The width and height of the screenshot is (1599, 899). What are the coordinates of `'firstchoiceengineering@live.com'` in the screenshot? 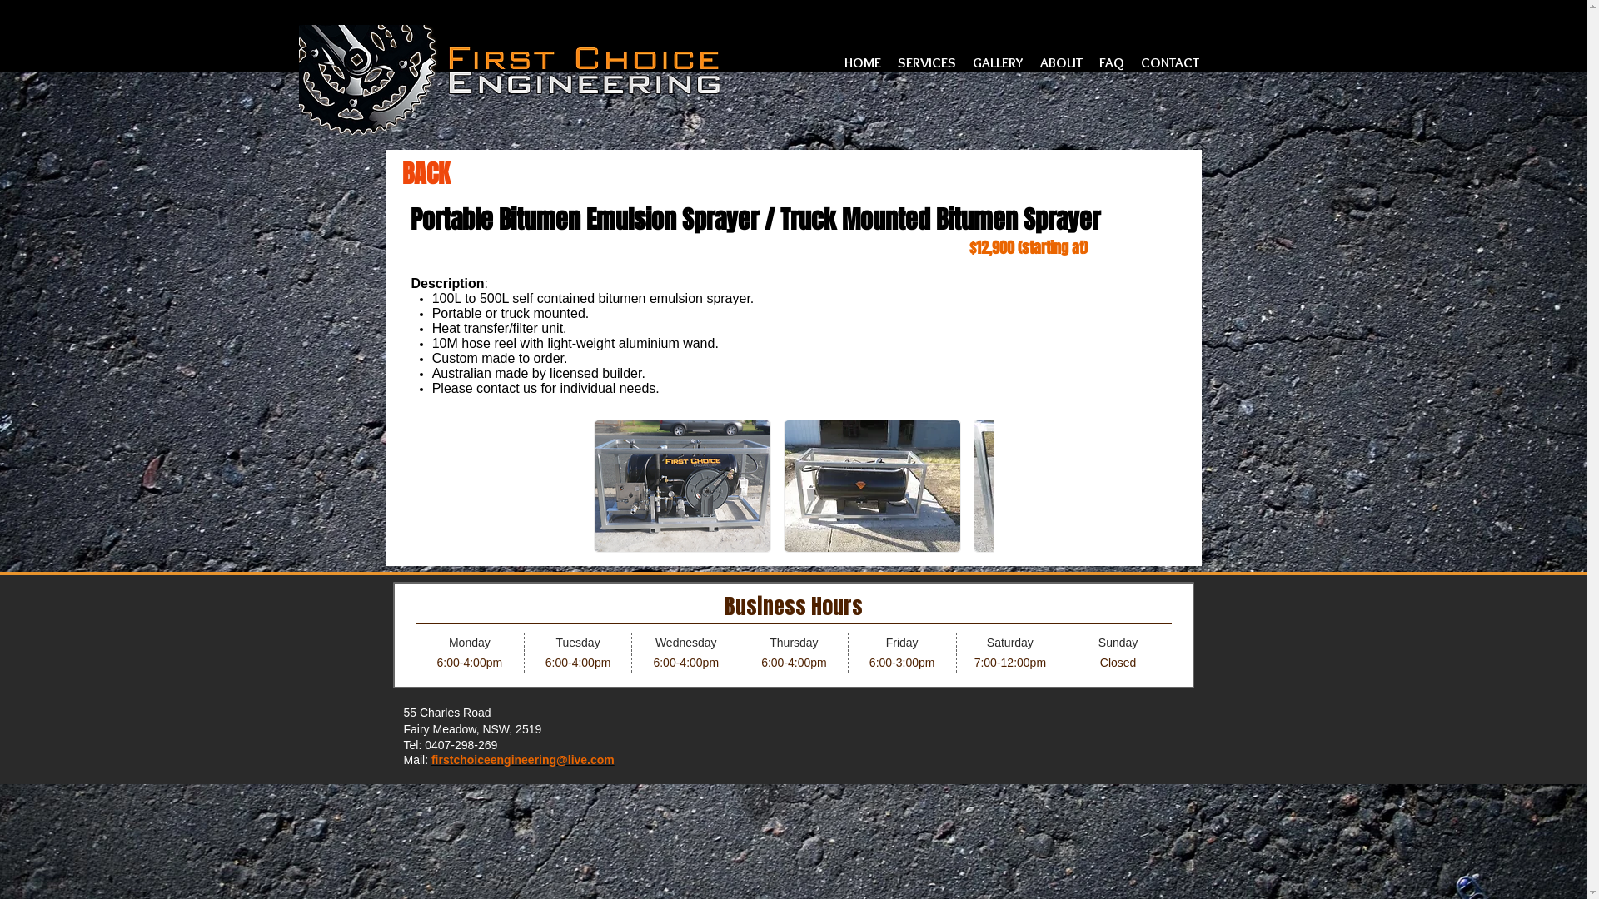 It's located at (522, 760).